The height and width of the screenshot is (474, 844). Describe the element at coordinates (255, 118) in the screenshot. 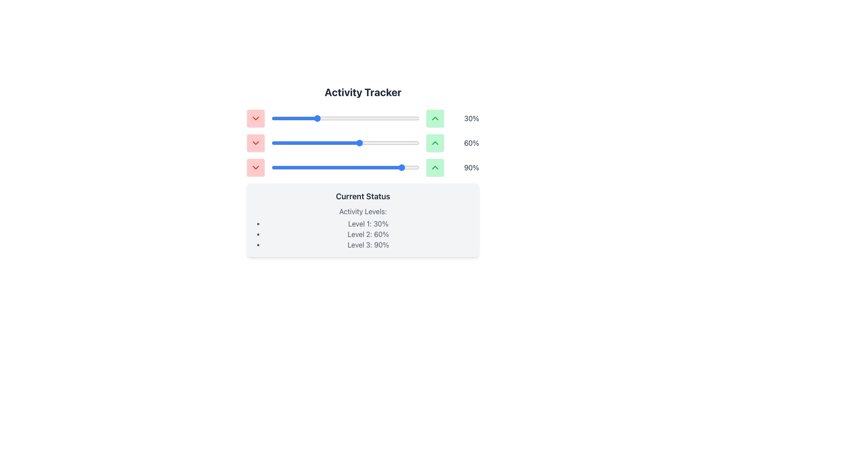

I see `the soft red button with rounded corners featuring a downward-pointing chevron icon` at that location.